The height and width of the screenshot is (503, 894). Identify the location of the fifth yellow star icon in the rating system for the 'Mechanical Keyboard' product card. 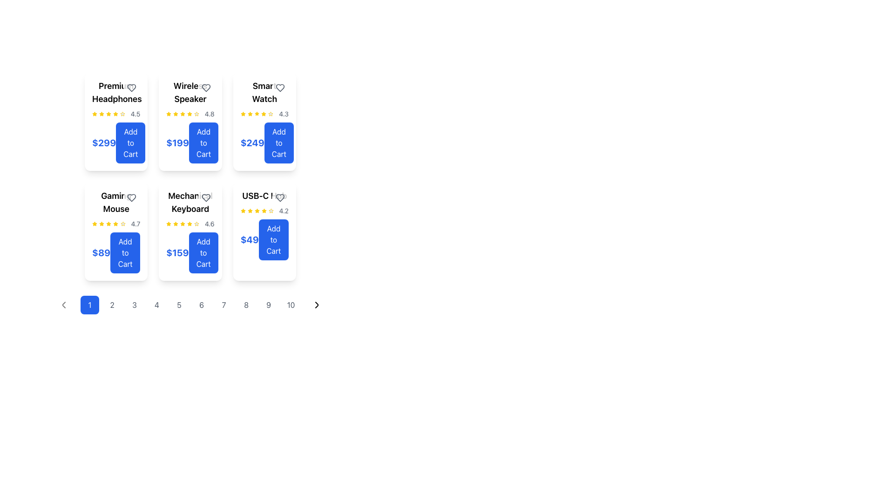
(183, 224).